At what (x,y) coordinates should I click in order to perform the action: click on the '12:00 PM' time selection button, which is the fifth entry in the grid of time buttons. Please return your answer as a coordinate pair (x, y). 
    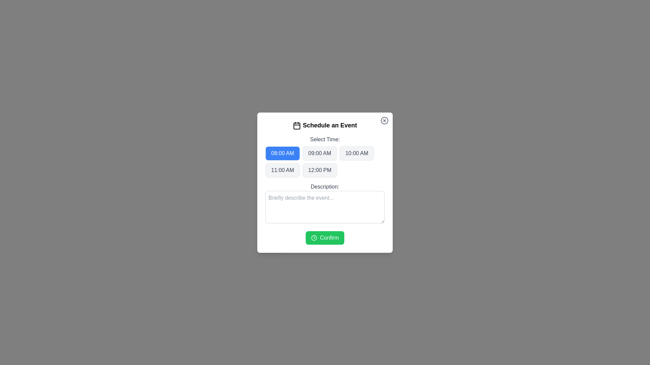
    Looking at the image, I should click on (319, 170).